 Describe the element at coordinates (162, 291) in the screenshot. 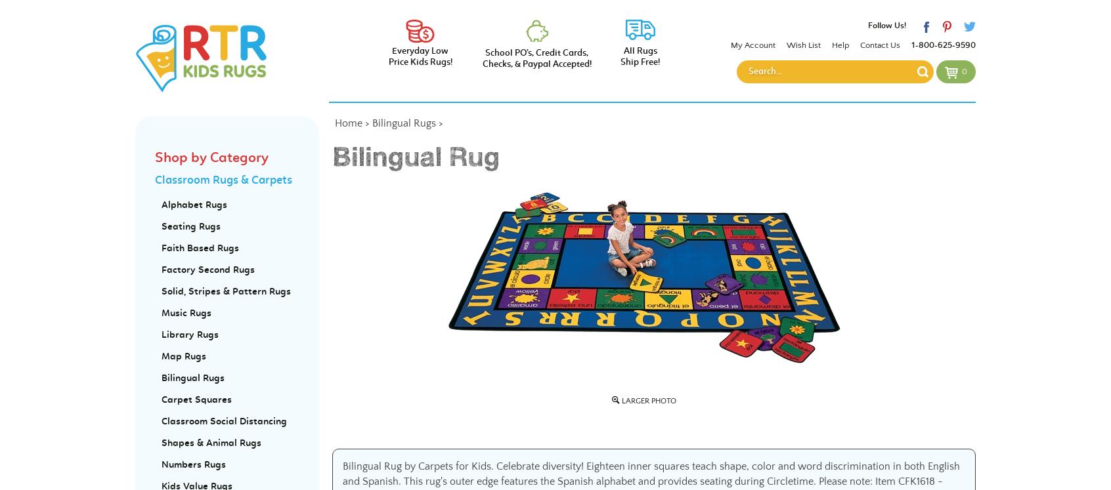

I see `'Solid, Stripes & Pattern Rugs'` at that location.